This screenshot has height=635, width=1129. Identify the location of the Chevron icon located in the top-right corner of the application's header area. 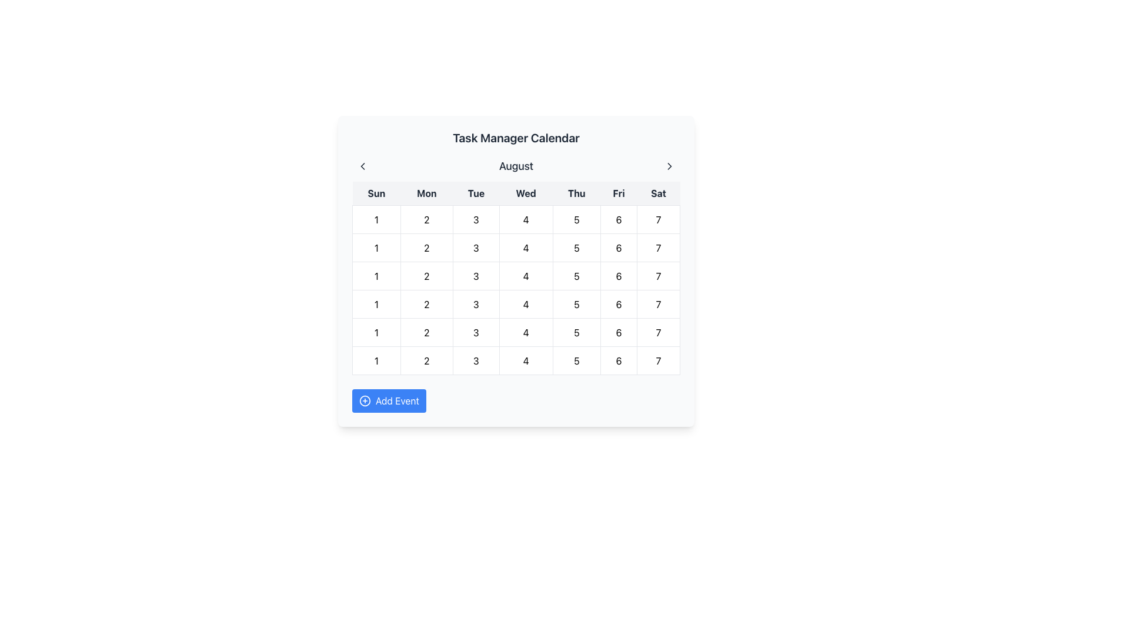
(669, 166).